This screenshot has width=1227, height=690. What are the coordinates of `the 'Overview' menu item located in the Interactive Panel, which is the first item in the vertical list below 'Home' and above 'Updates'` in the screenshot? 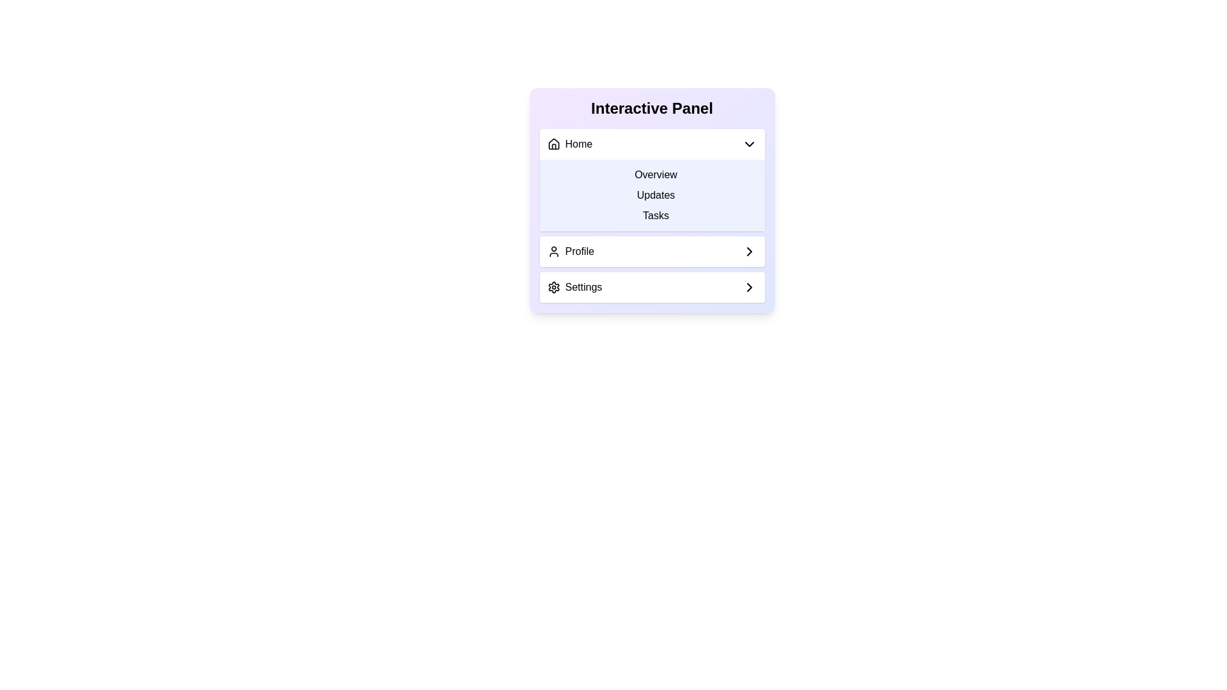 It's located at (656, 174).